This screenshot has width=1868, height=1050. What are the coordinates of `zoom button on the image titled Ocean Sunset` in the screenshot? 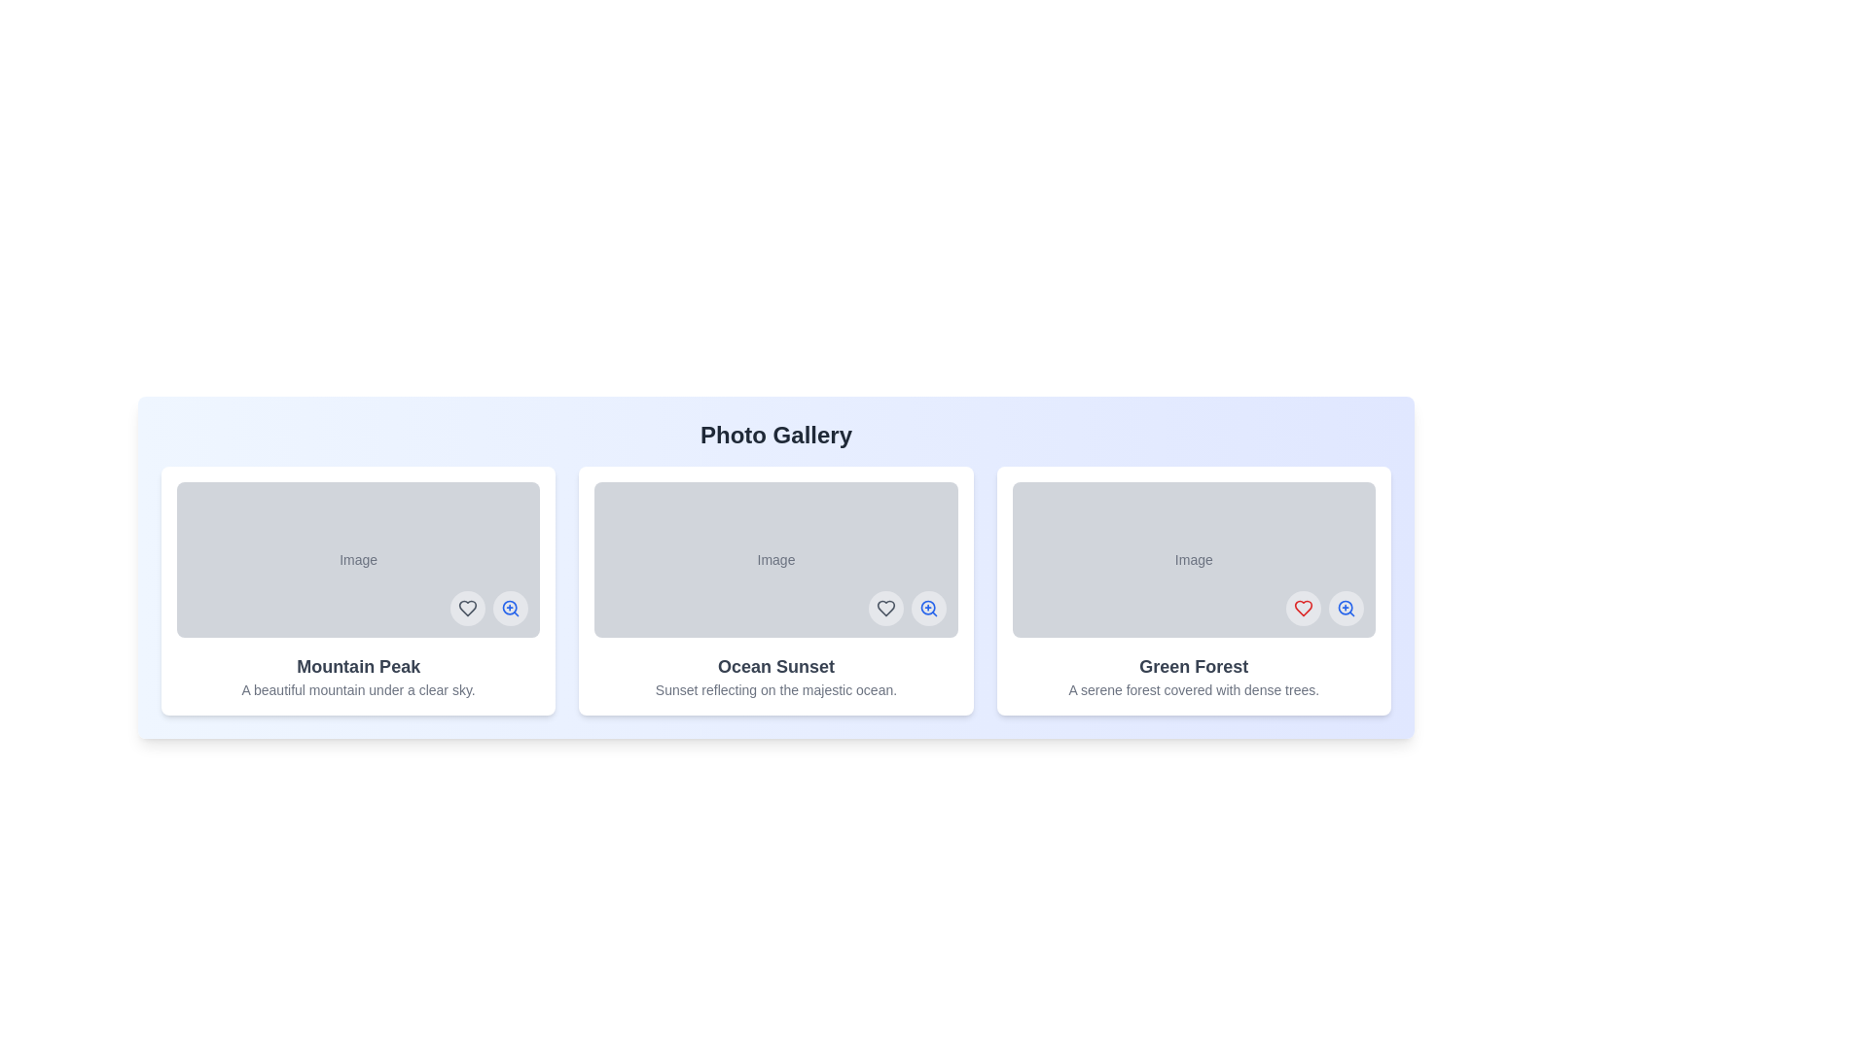 It's located at (927, 607).